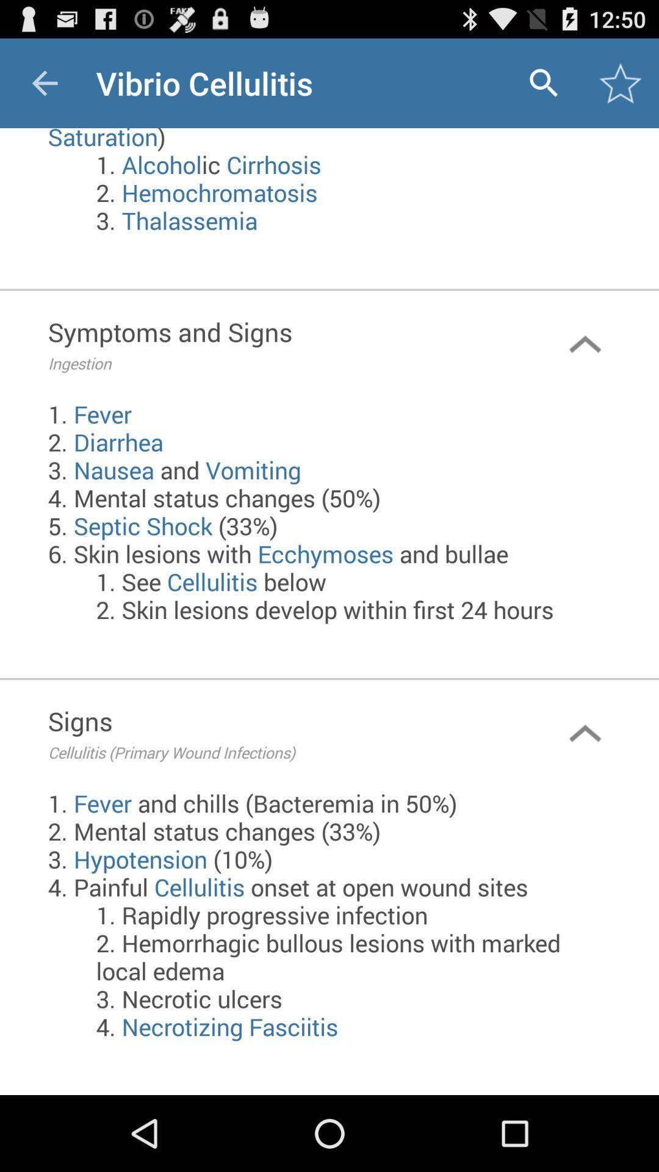  I want to click on the arrow_upward icon, so click(585, 367).